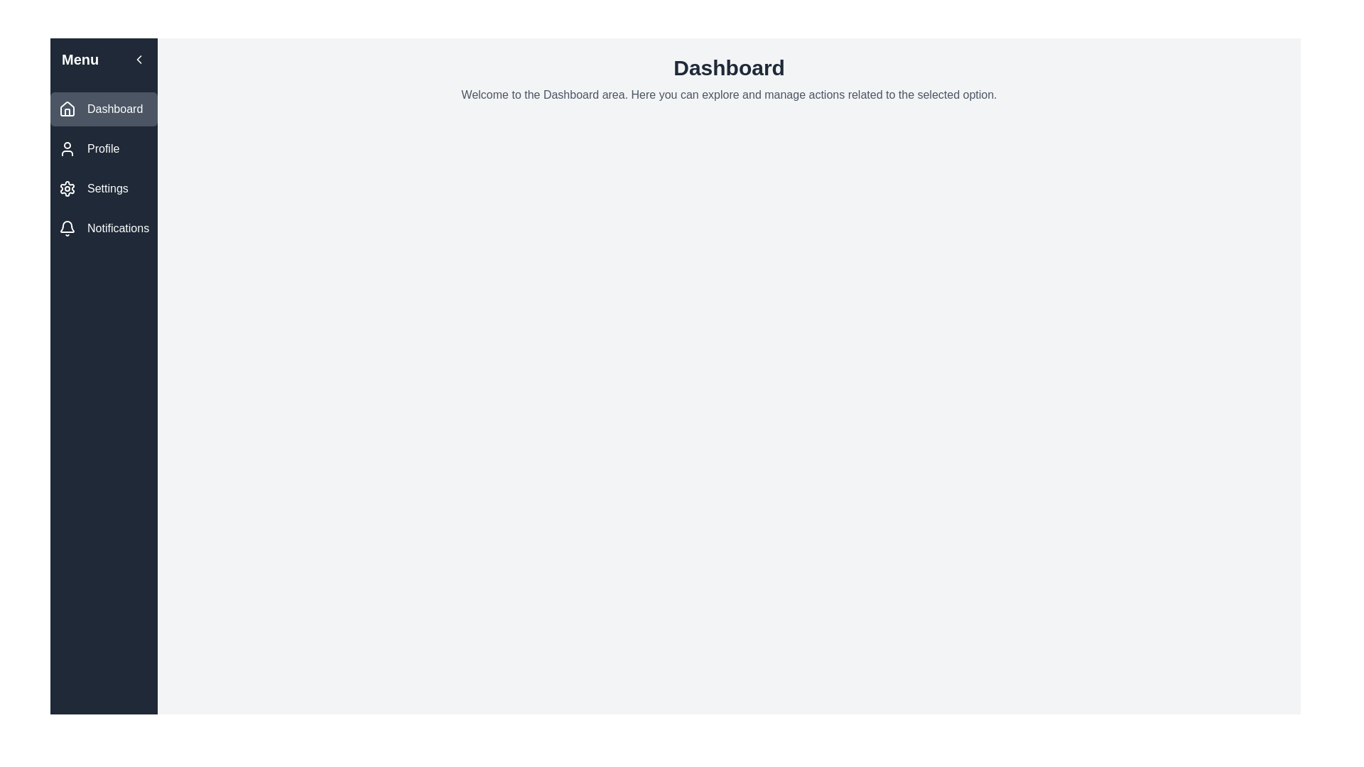  Describe the element at coordinates (102, 148) in the screenshot. I see `the 'Profile' label in the sidebar menu, which is the second item below 'Dashboard'` at that location.